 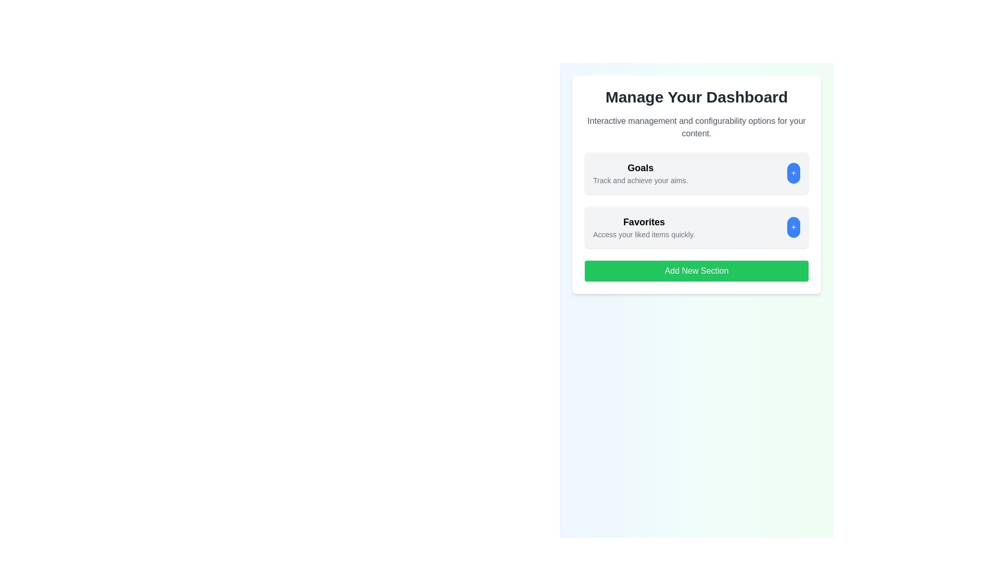 What do you see at coordinates (697, 97) in the screenshot?
I see `the main heading text element at the top of the dashboard section, which sets the context for the content below` at bounding box center [697, 97].